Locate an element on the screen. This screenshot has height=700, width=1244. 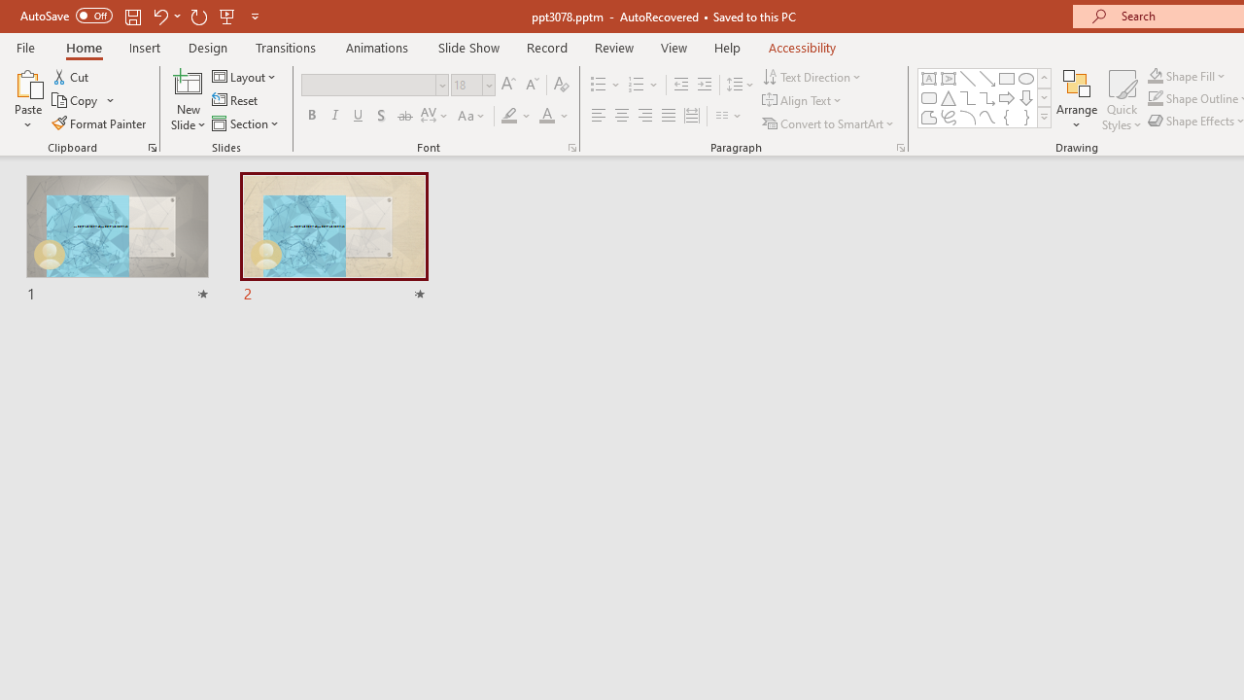
'Slide Show' is located at coordinates (467, 47).